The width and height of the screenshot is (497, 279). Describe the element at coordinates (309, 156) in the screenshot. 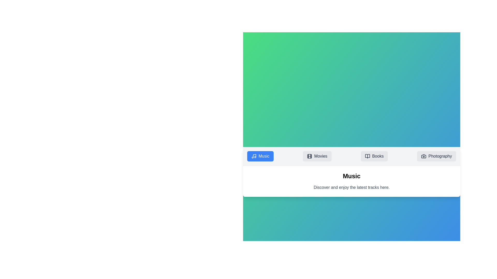

I see `the button containing the film reel icon, which is styled with rounded corners and a grey background, located in the horizontal navigation menu` at that location.